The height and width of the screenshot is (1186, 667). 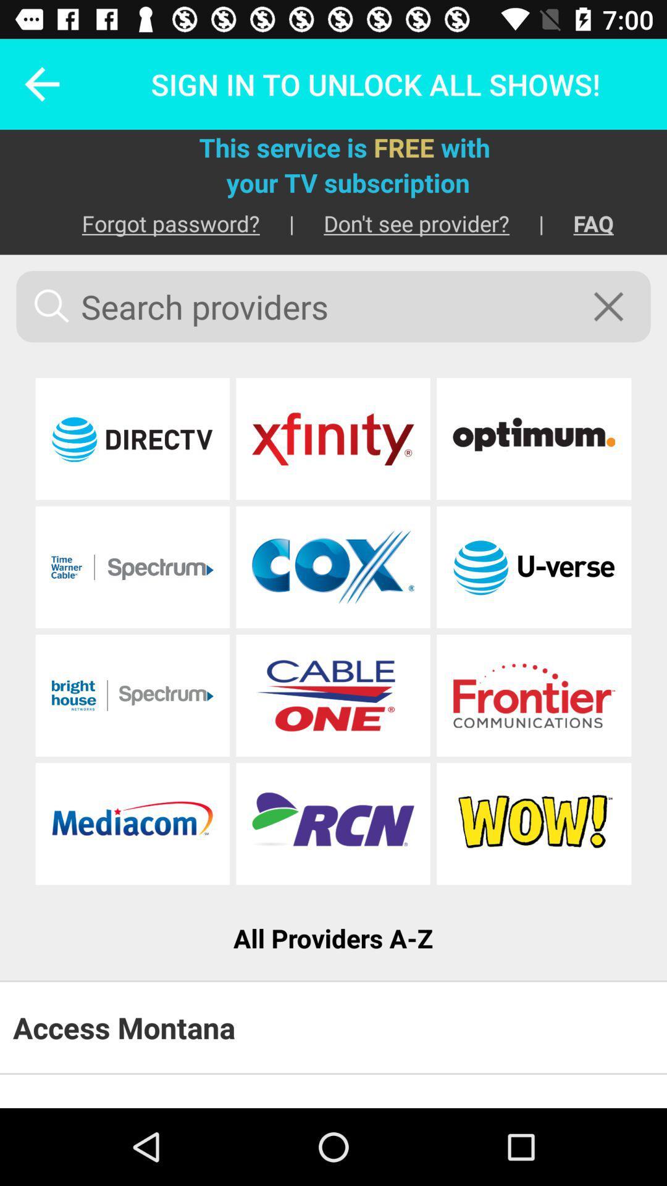 What do you see at coordinates (533, 696) in the screenshot?
I see `result` at bounding box center [533, 696].